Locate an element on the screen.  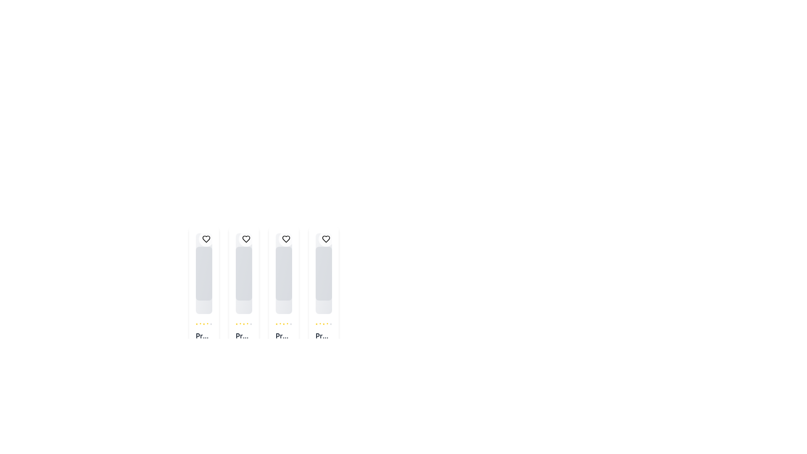
text label that serves as the title or name of the product in the first product card from the left, located between the star rating display and the product category label is located at coordinates (204, 335).